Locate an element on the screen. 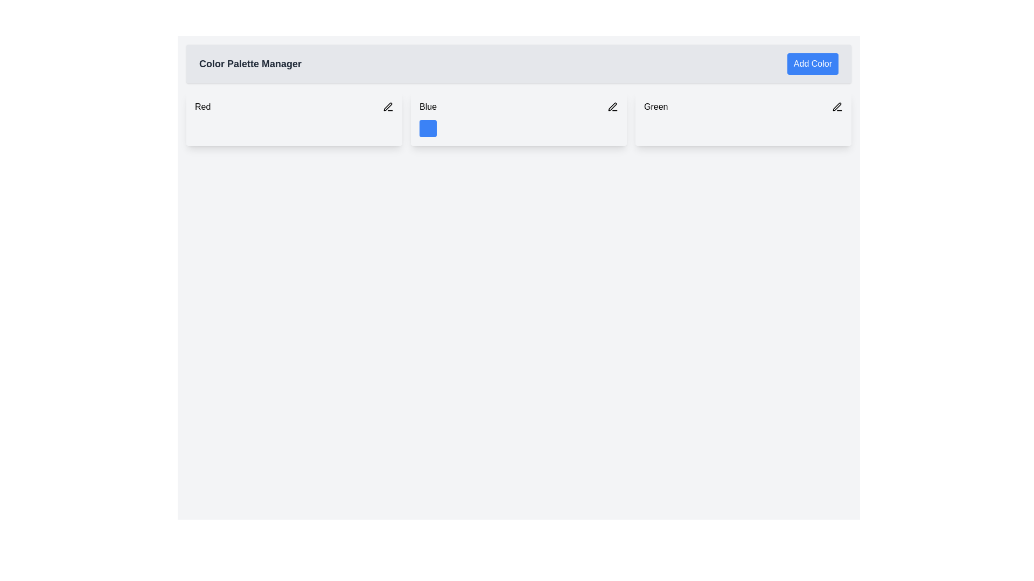 Image resolution: width=1034 pixels, height=581 pixels. the third blue color block square is located at coordinates (471, 128).